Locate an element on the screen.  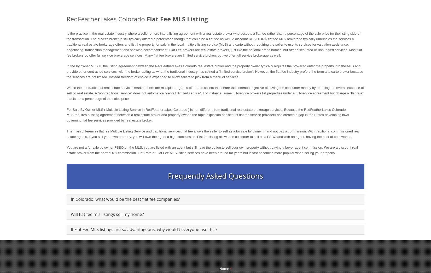
'If Flat Fee MLS listings are so advantageous, why would't everyone use this?' is located at coordinates (143, 229).